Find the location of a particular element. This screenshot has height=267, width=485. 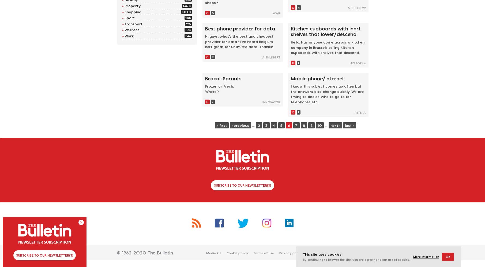

'Shopping' is located at coordinates (133, 11).